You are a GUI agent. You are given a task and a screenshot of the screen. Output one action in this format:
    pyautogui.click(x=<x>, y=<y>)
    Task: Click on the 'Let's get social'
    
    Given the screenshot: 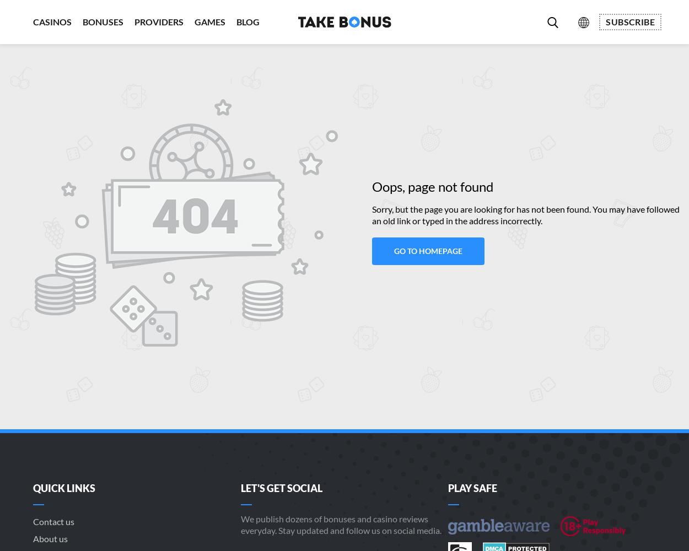 What is the action you would take?
    pyautogui.click(x=281, y=488)
    